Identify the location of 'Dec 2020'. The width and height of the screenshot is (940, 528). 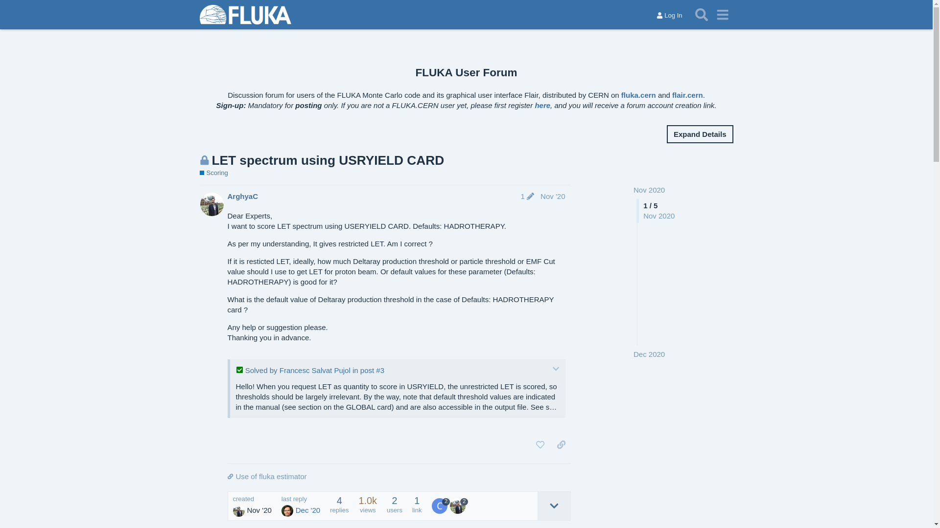
(649, 354).